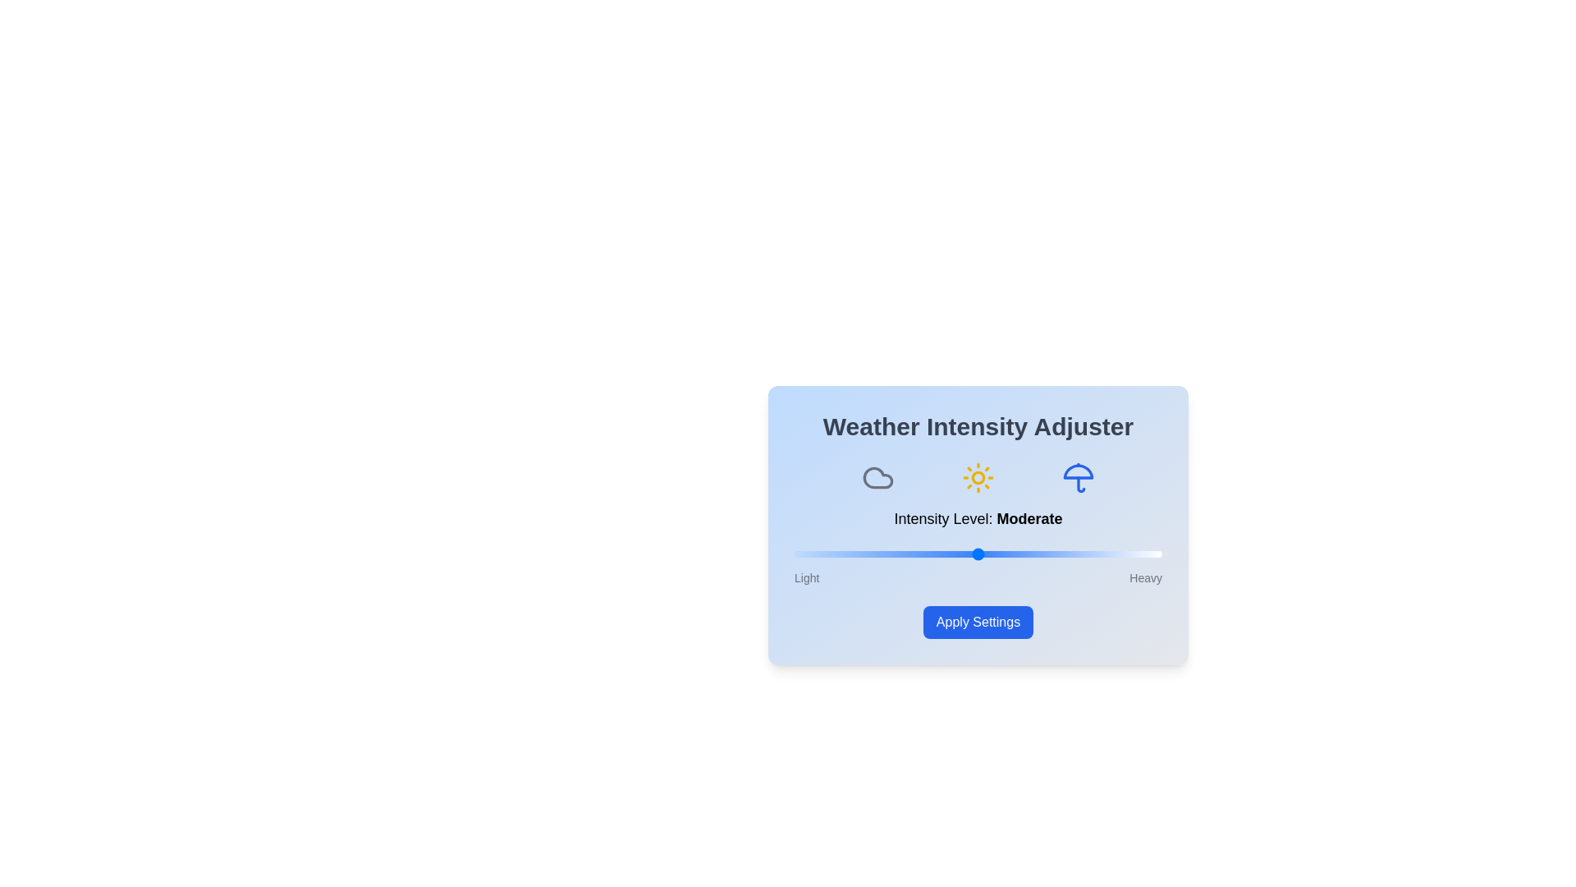  What do you see at coordinates (1150, 554) in the screenshot?
I see `the weather intensity slider to 97%` at bounding box center [1150, 554].